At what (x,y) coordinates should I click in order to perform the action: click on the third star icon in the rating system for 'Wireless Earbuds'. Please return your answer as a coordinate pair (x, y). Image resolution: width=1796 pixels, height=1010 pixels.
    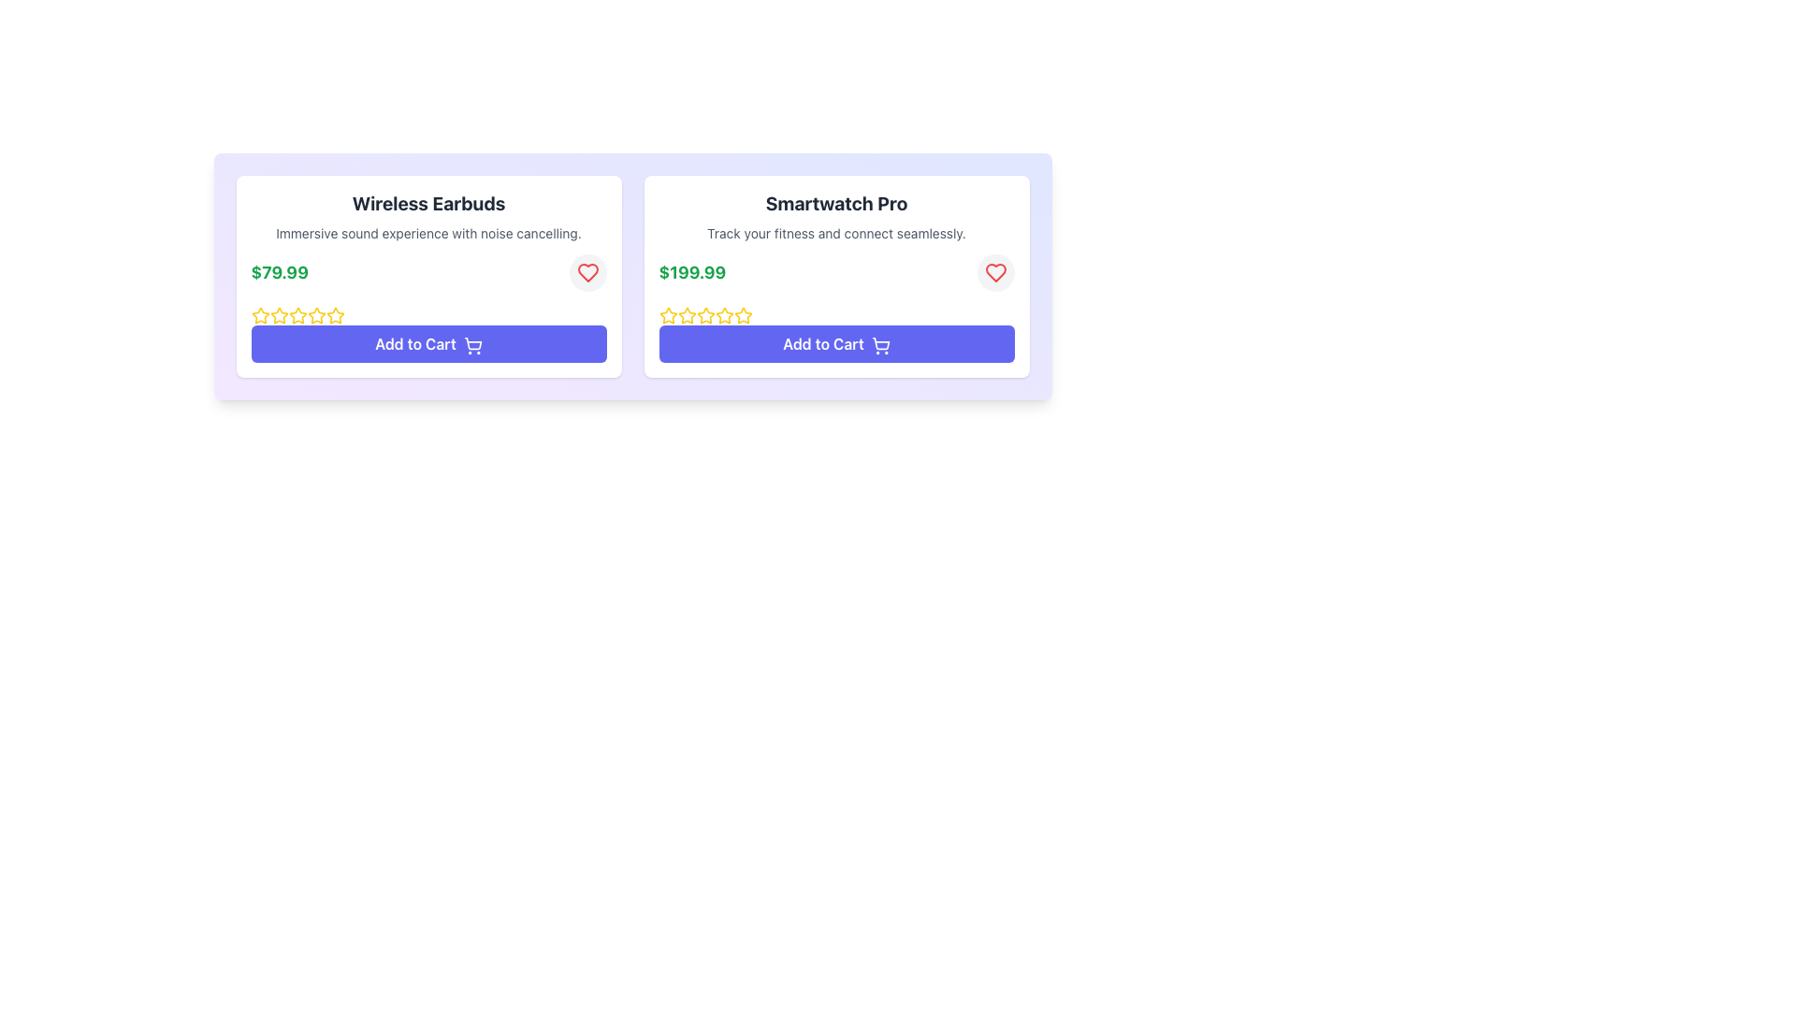
    Looking at the image, I should click on (278, 315).